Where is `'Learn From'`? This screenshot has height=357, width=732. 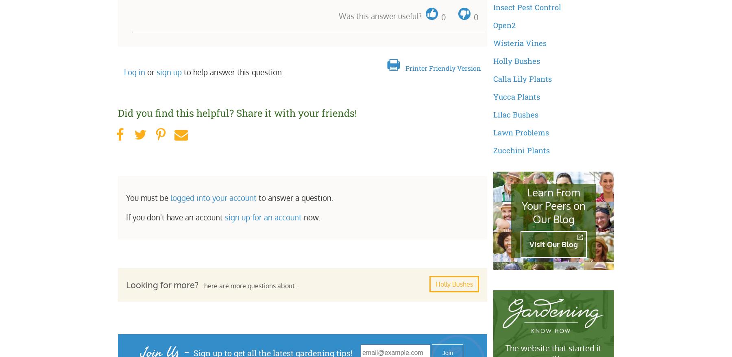 'Learn From' is located at coordinates (526, 192).